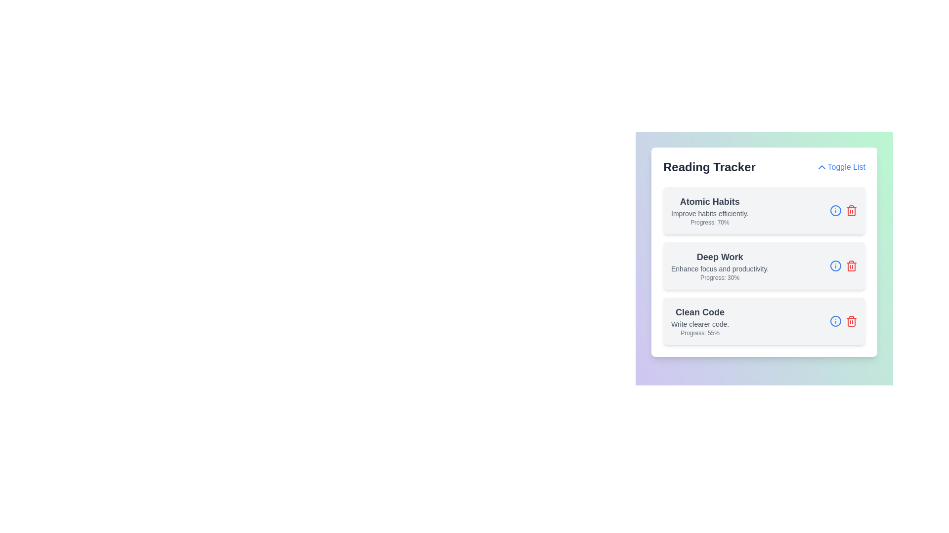  Describe the element at coordinates (709, 201) in the screenshot. I see `the text label element displaying 'Atomic Habits' in bold dark gray, which serves as the title in a light gray box at the top of its section` at that location.